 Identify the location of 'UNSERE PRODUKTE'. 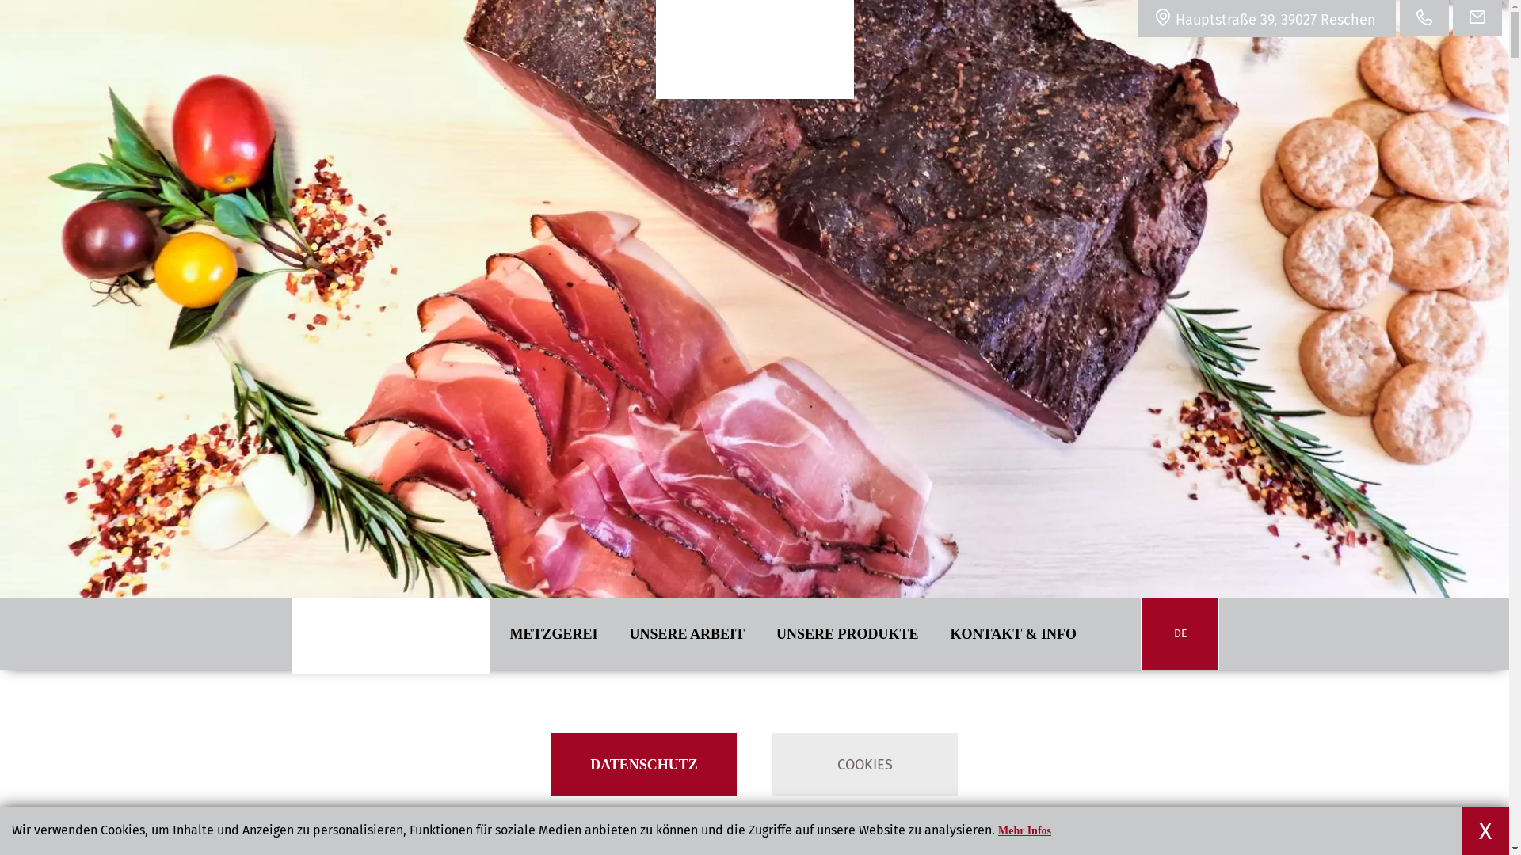
(847, 633).